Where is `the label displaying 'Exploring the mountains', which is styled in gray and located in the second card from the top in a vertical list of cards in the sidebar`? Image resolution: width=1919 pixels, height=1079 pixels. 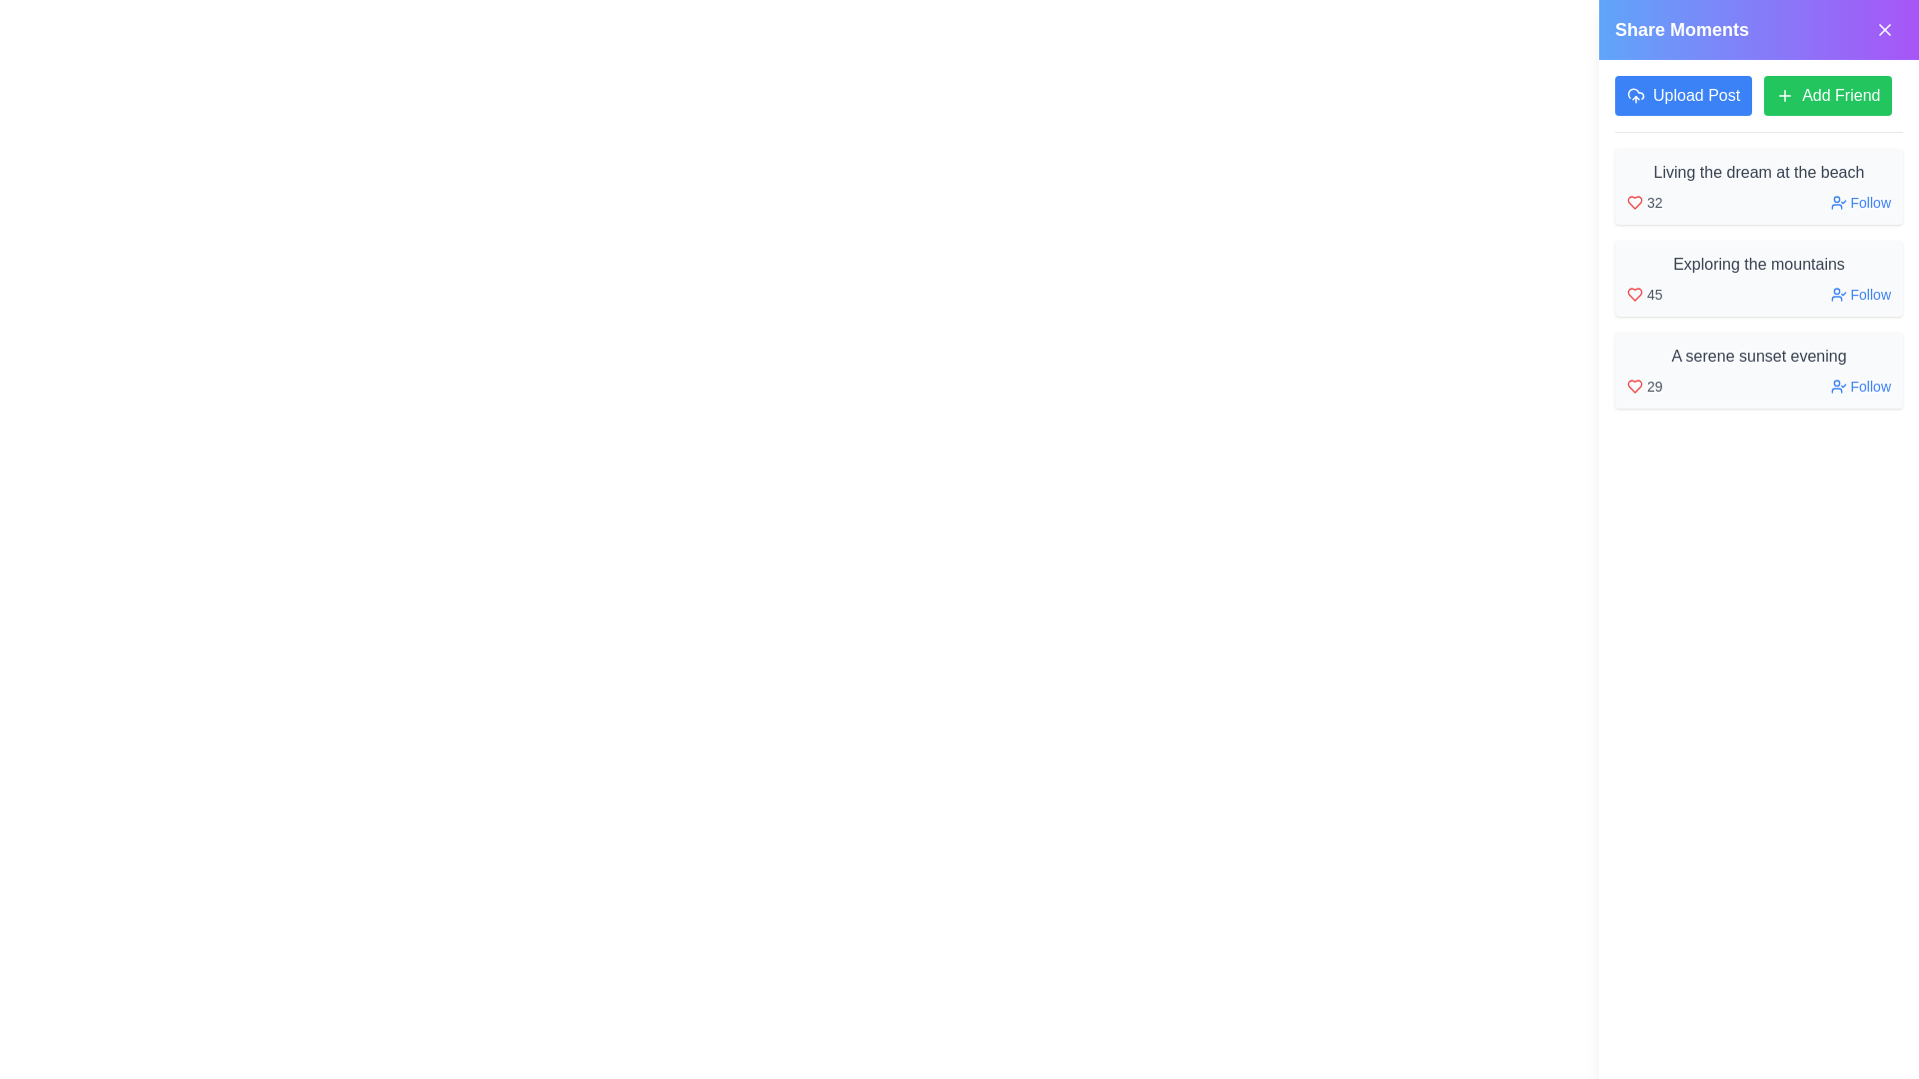
the label displaying 'Exploring the mountains', which is styled in gray and located in the second card from the top in a vertical list of cards in the sidebar is located at coordinates (1759, 264).